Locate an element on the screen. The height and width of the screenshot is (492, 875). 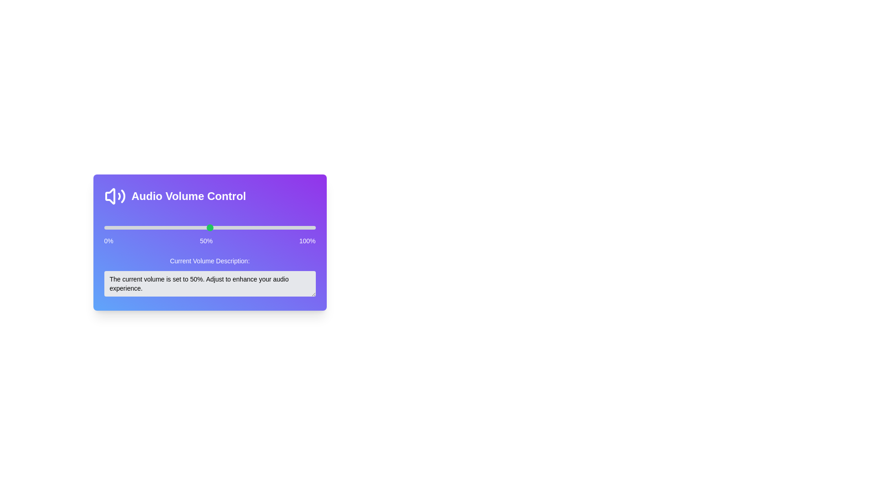
the volume slider to 46% is located at coordinates (201, 227).